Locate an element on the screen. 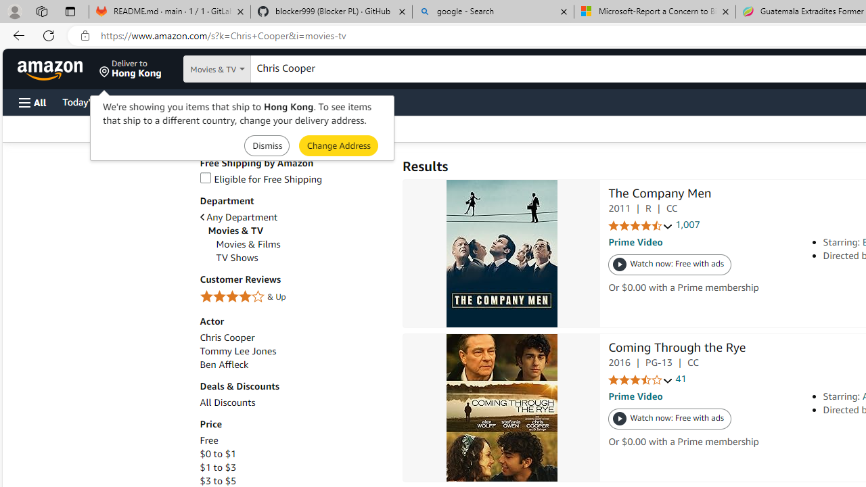  '41' is located at coordinates (681, 379).